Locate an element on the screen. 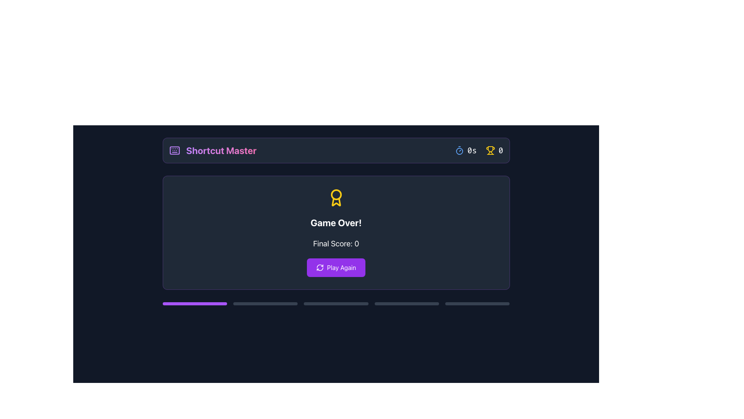 Image resolution: width=744 pixels, height=419 pixels. final score displayed in the text element located below the 'Game Over!' text and above the 'Play Again' button is located at coordinates (336, 243).